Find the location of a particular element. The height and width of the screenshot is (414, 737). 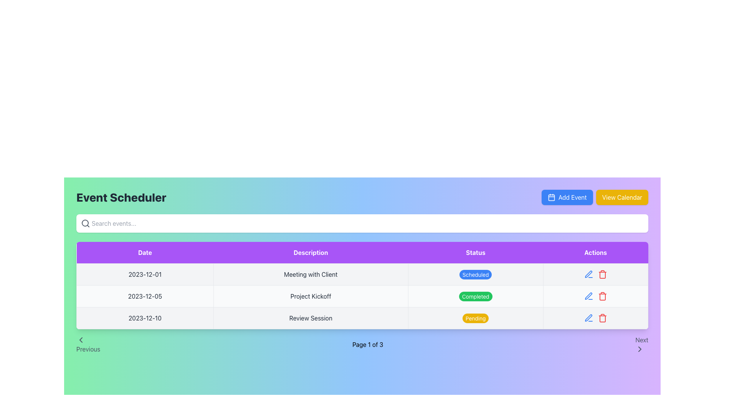

the 'Completed' status badge in the table row displaying event information for 'Project Kickoff' on '2023-12-05' is located at coordinates (362, 296).